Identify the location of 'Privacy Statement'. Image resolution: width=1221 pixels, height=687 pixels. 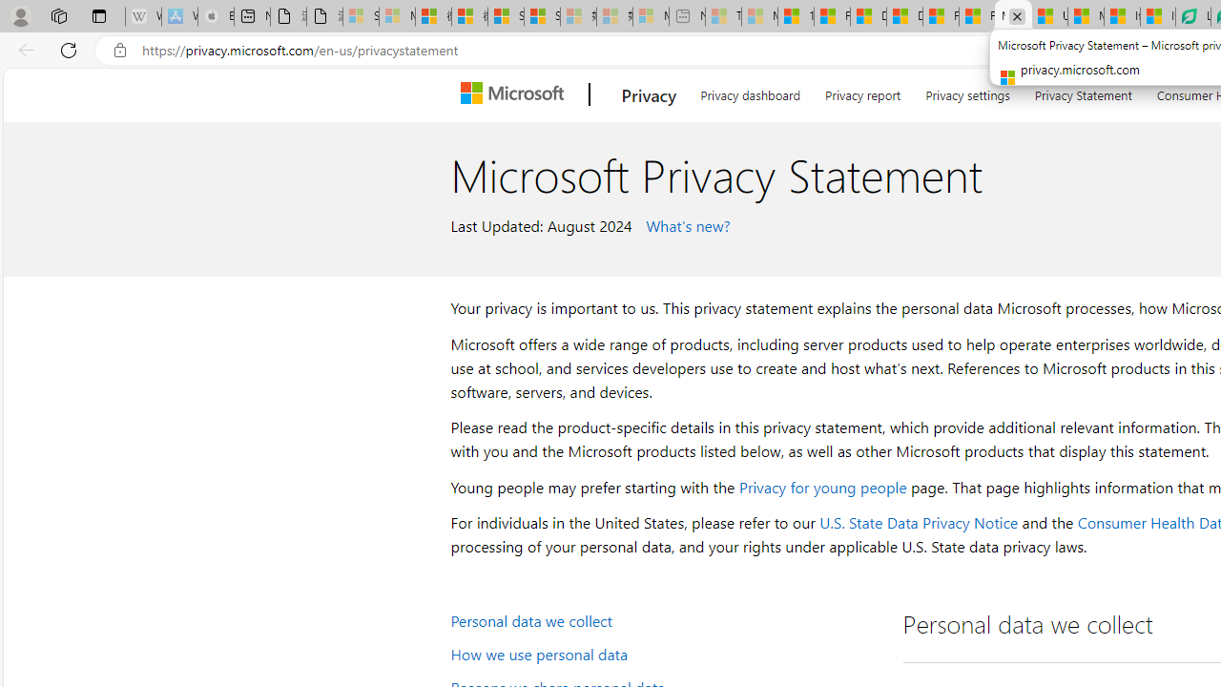
(1083, 92).